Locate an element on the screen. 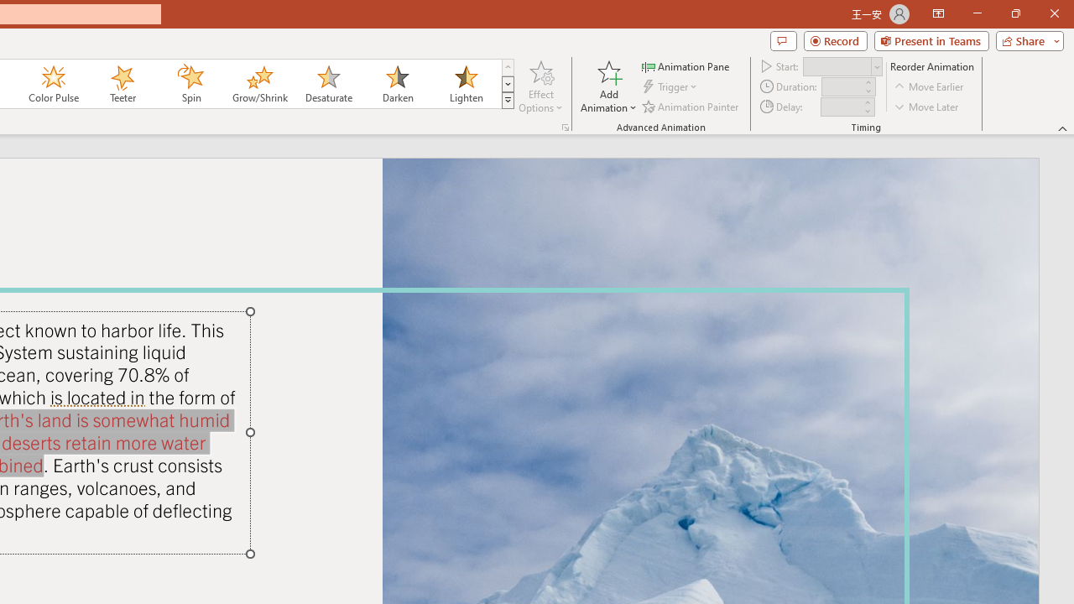 The height and width of the screenshot is (604, 1074). 'Desaturate' is located at coordinates (328, 84).